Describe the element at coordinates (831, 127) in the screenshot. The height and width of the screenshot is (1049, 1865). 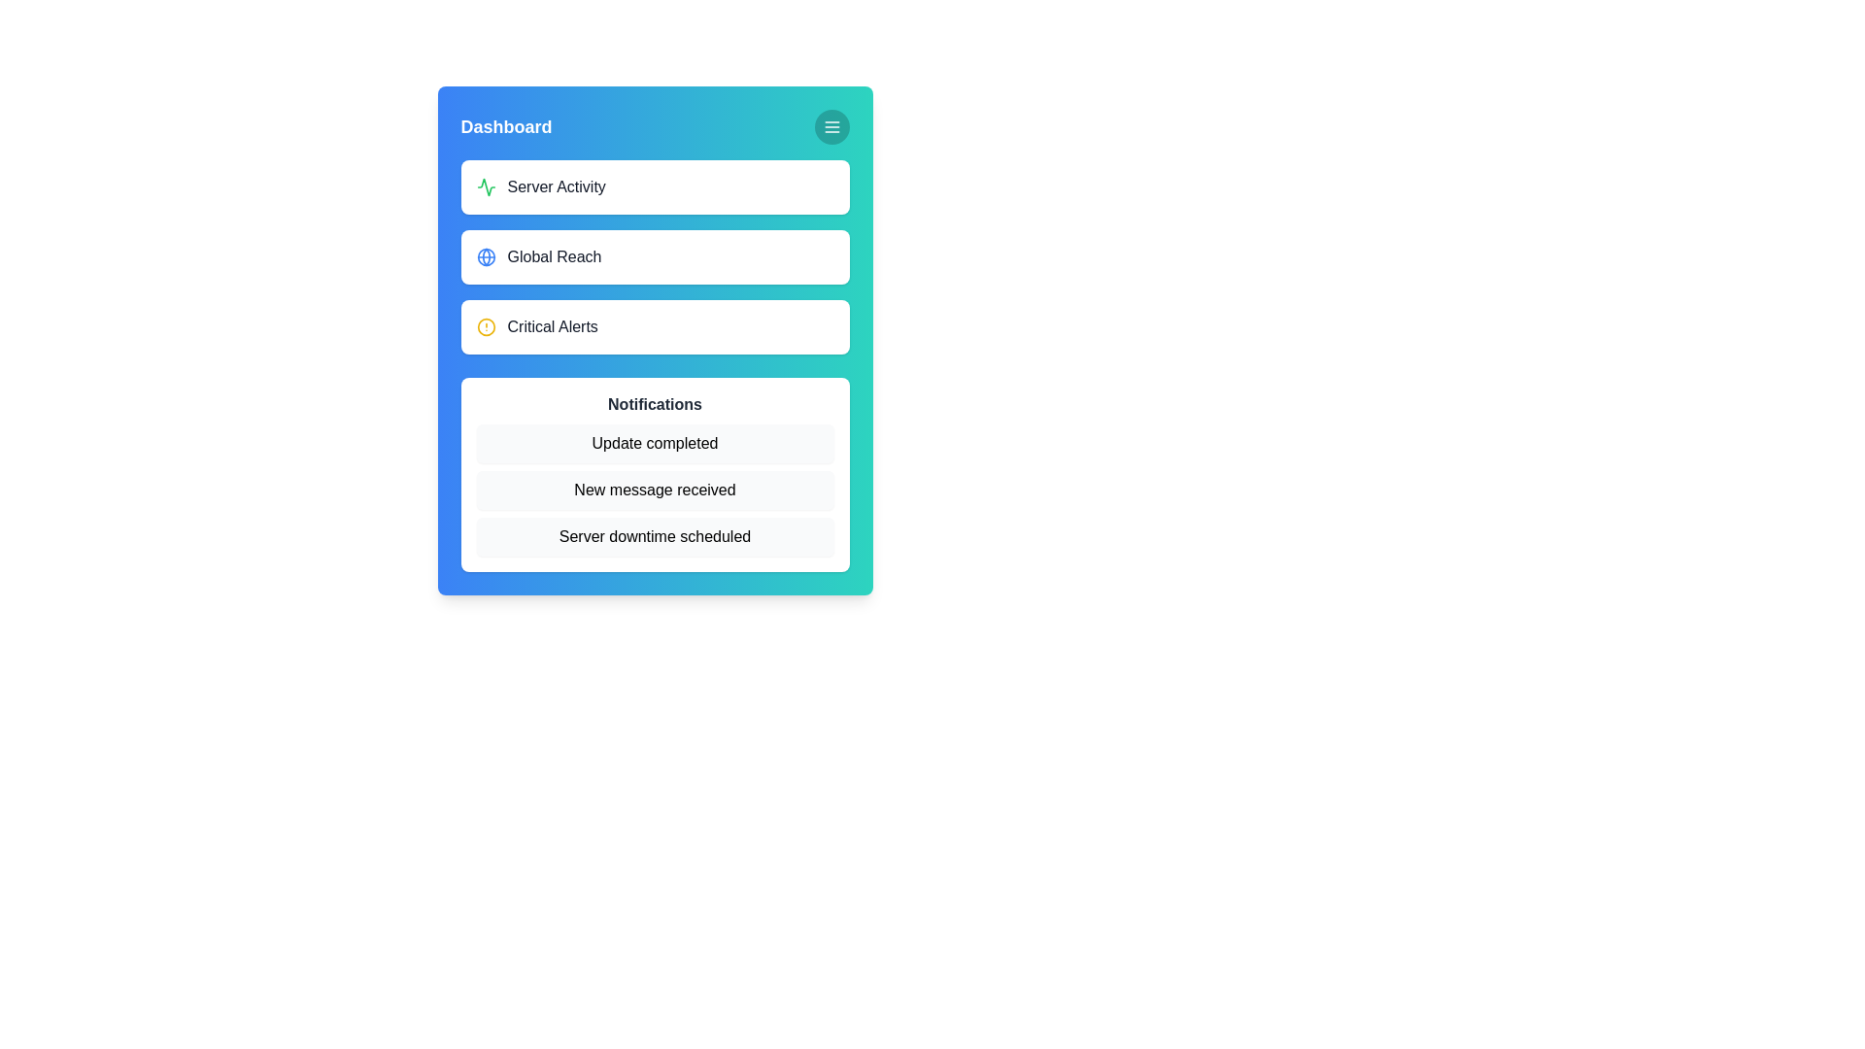
I see `the menu icon button represented by three horizontal lines, located at the top-right corner of the 'Dashboard' section` at that location.